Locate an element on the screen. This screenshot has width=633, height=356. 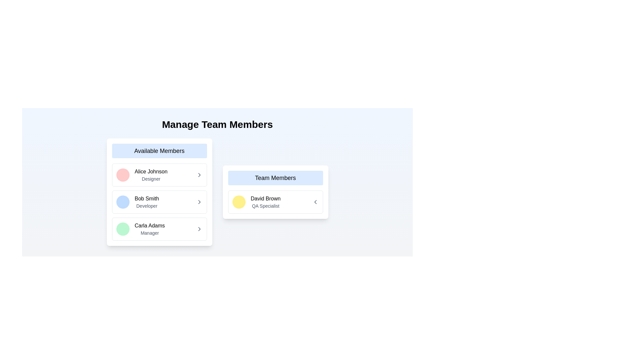
the List item representing team member Alice Johnson, who has the role of Designer is located at coordinates (159, 175).